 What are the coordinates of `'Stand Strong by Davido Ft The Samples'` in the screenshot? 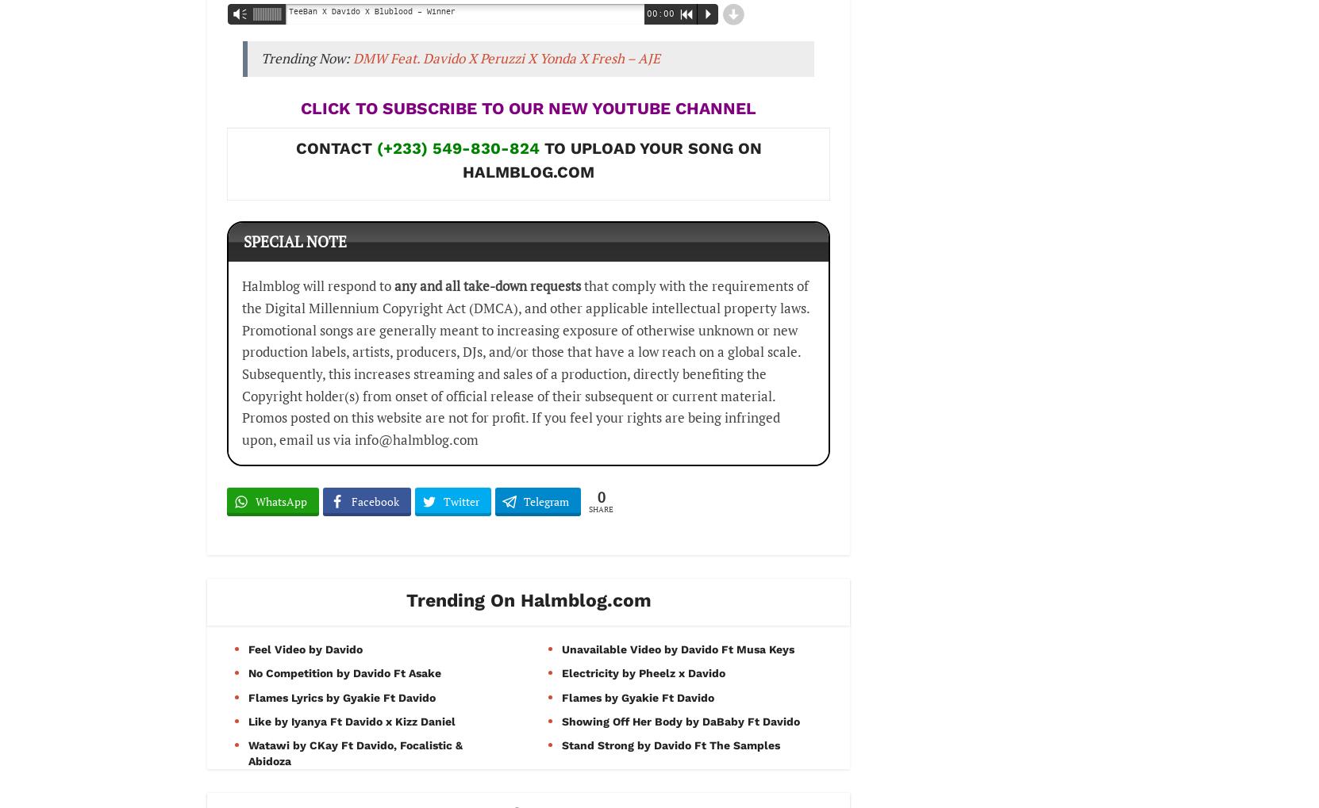 It's located at (670, 744).